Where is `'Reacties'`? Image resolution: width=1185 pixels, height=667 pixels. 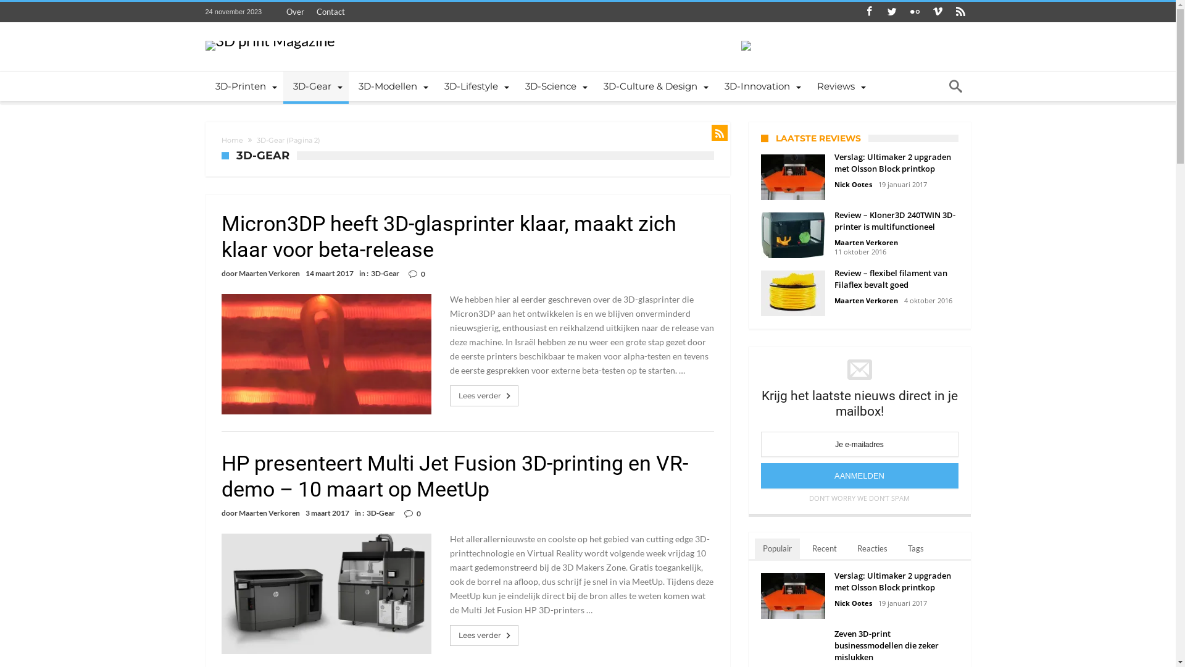
'Reacties' is located at coordinates (871, 549).